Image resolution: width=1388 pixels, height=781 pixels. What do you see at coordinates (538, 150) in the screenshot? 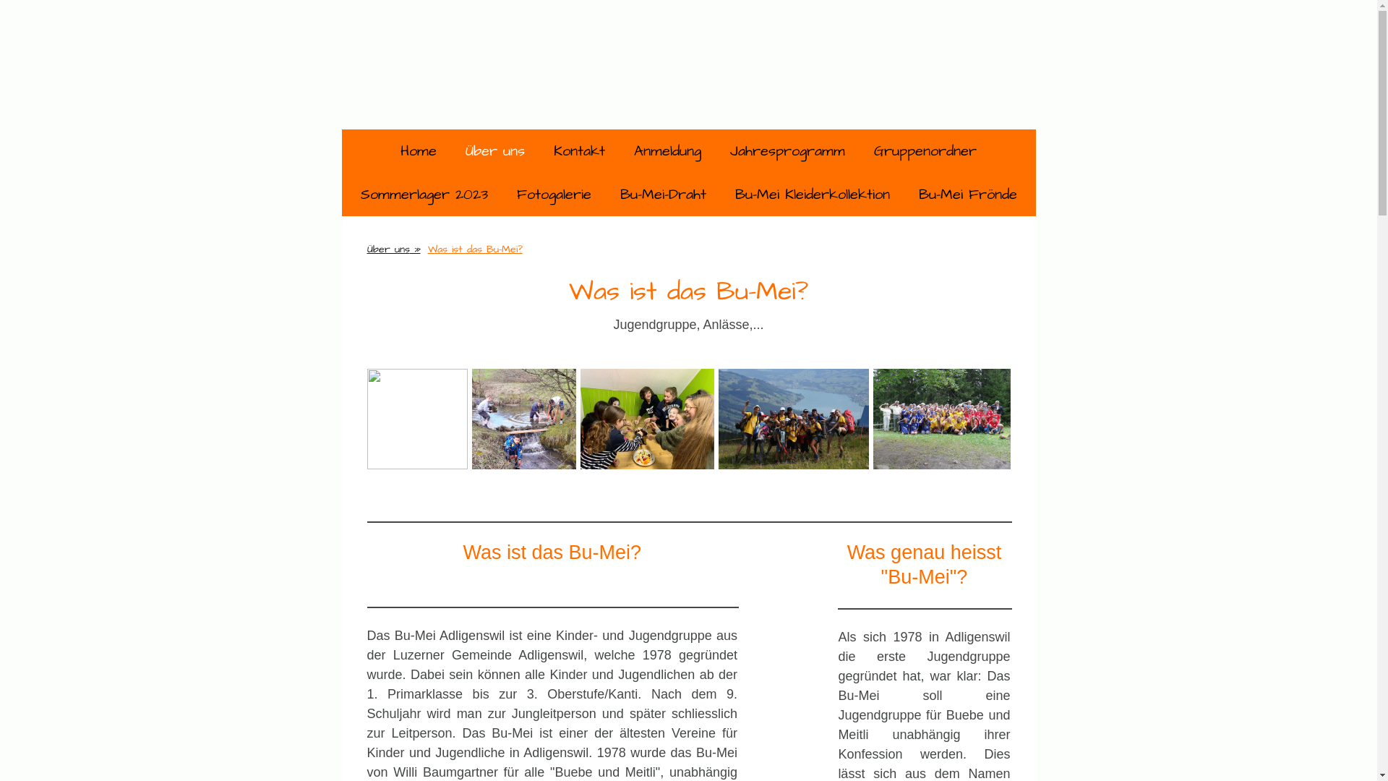
I see `'Kontakt'` at bounding box center [538, 150].